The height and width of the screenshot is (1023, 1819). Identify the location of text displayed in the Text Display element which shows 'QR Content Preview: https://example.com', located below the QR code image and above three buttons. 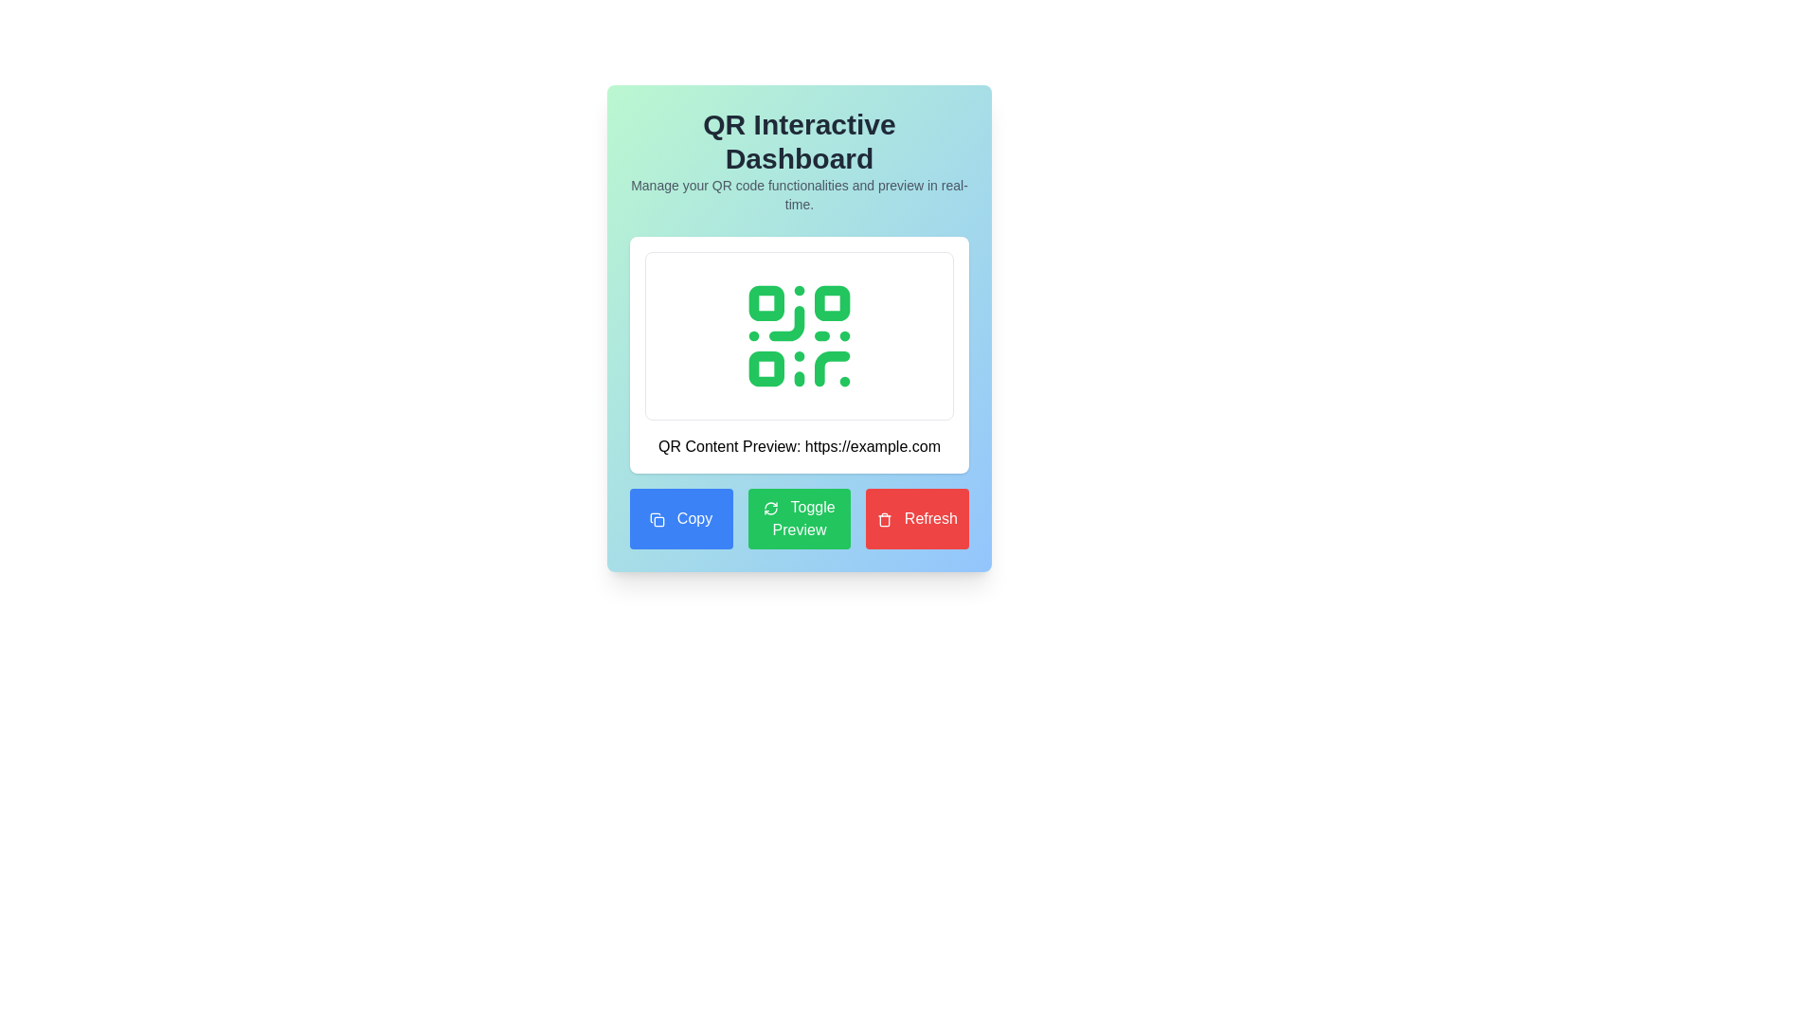
(800, 446).